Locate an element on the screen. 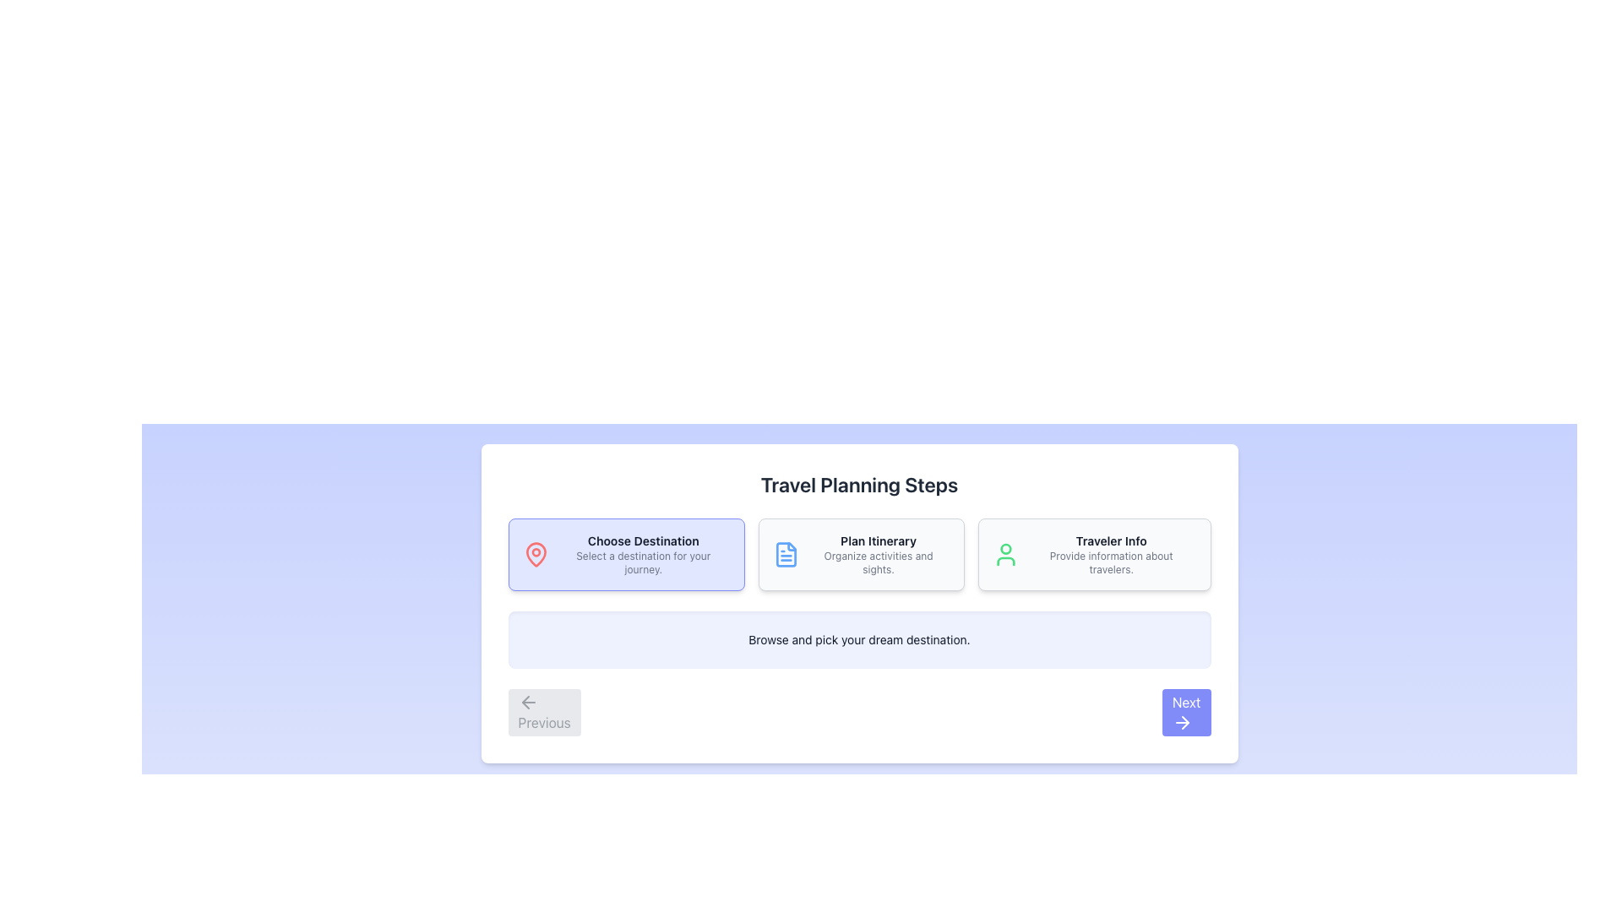  the left arrow icon inside the 'Previous' button at the bottom-left corner of the card interface to visually indicate navigation to the previous step is located at coordinates (527, 703).